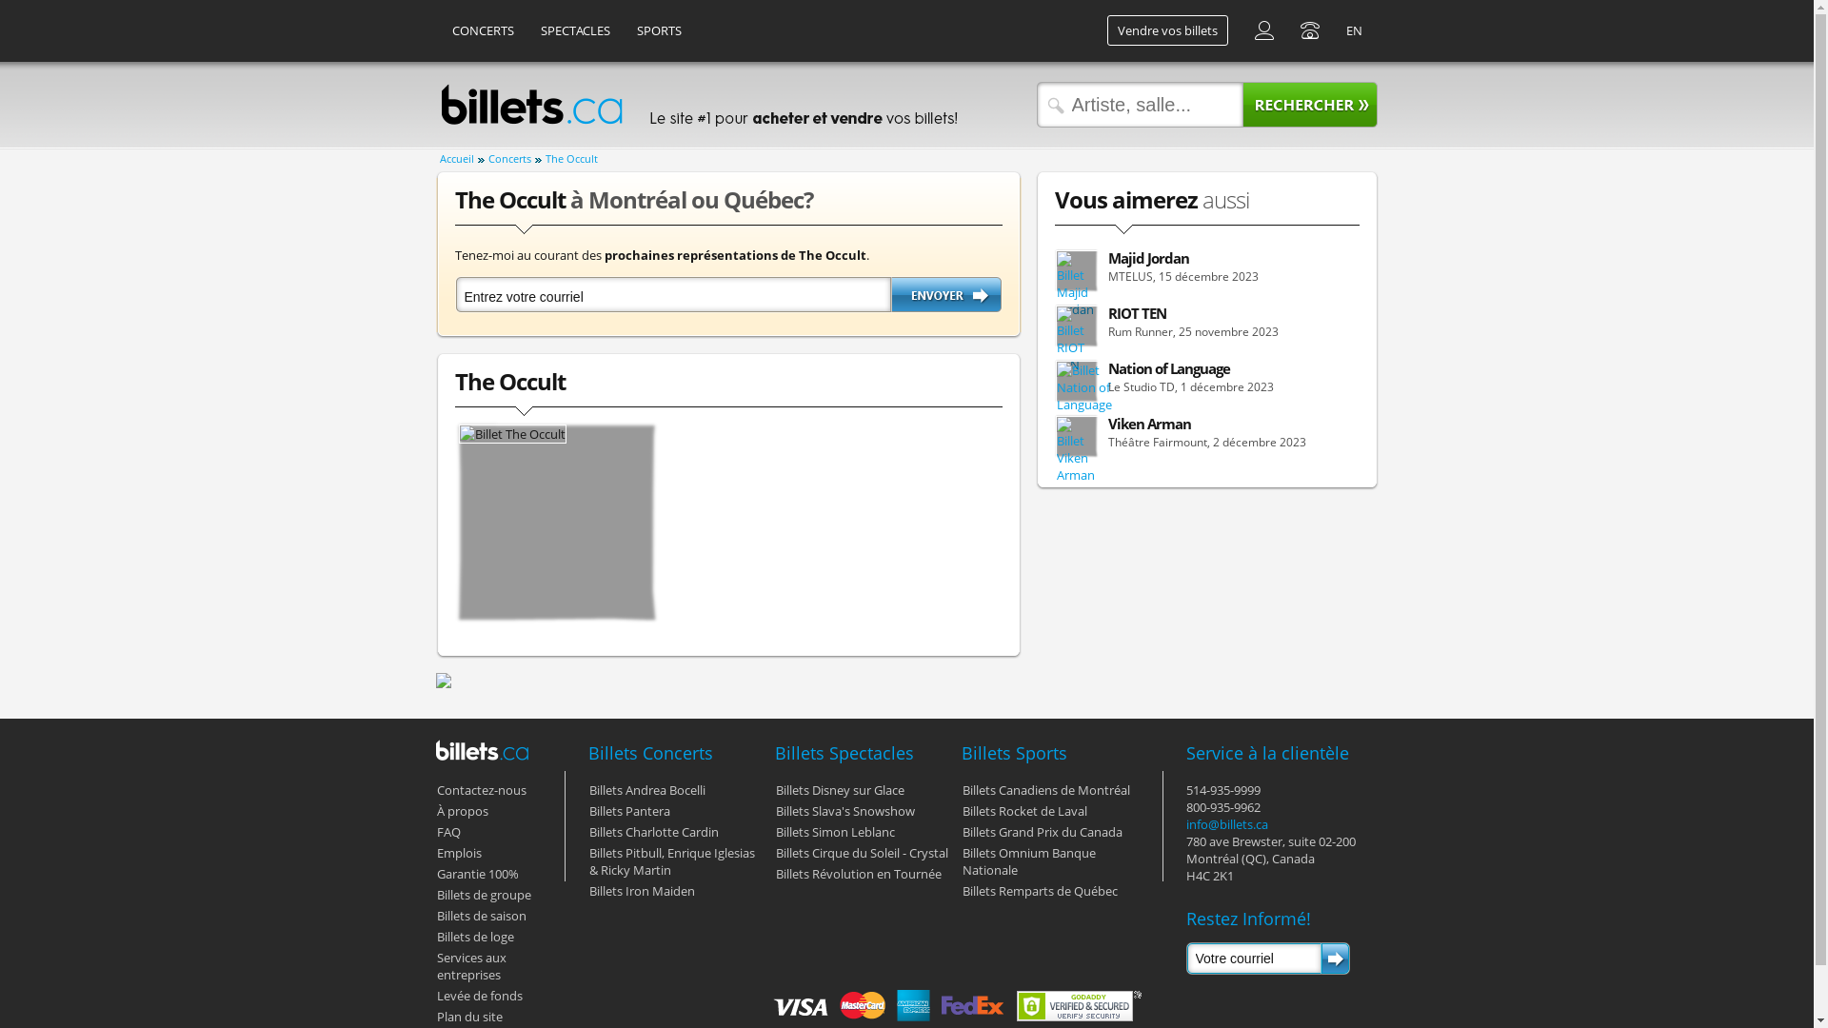 The image size is (1828, 1028). What do you see at coordinates (474, 935) in the screenshot?
I see `'Billets de loge'` at bounding box center [474, 935].